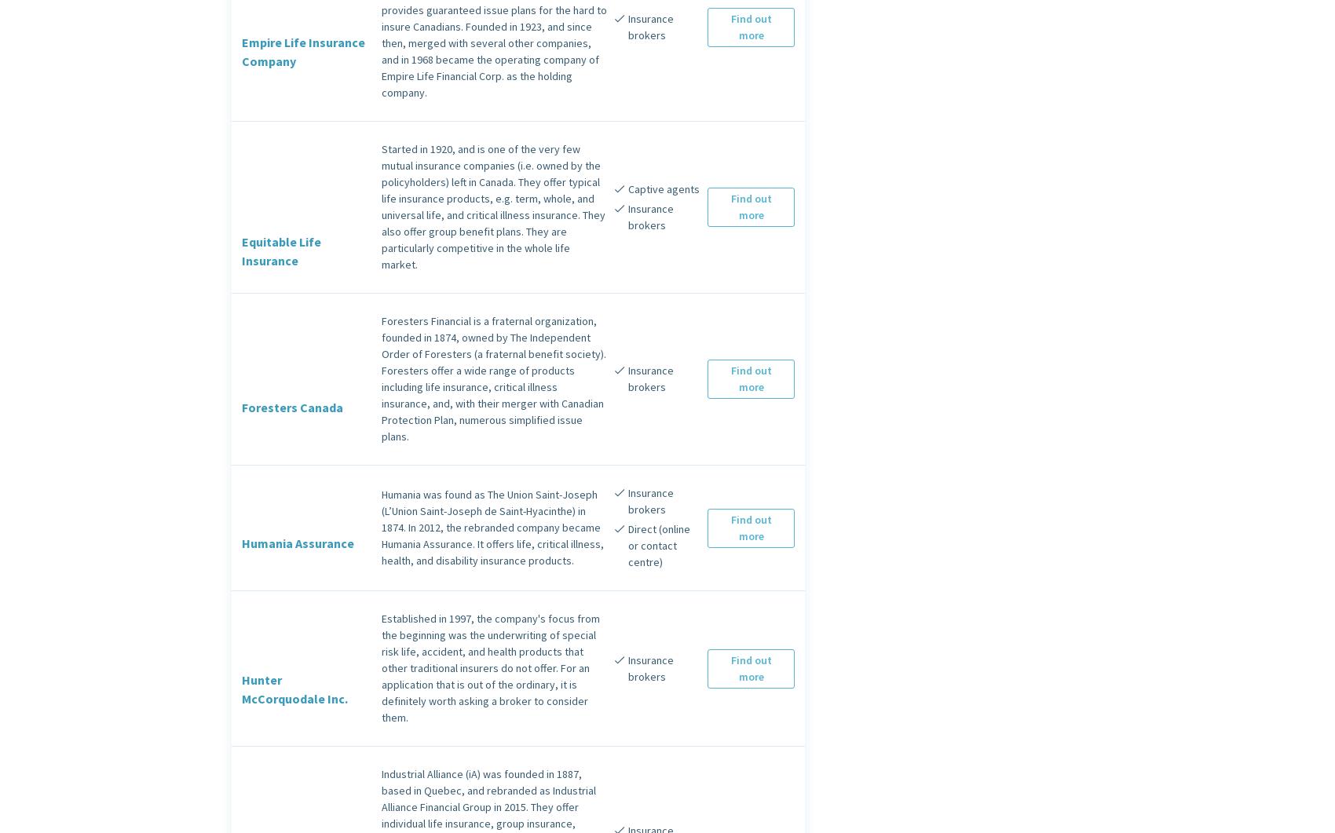 The width and height of the screenshot is (1335, 833). What do you see at coordinates (657, 544) in the screenshot?
I see `'Direct (online or contact centre)'` at bounding box center [657, 544].